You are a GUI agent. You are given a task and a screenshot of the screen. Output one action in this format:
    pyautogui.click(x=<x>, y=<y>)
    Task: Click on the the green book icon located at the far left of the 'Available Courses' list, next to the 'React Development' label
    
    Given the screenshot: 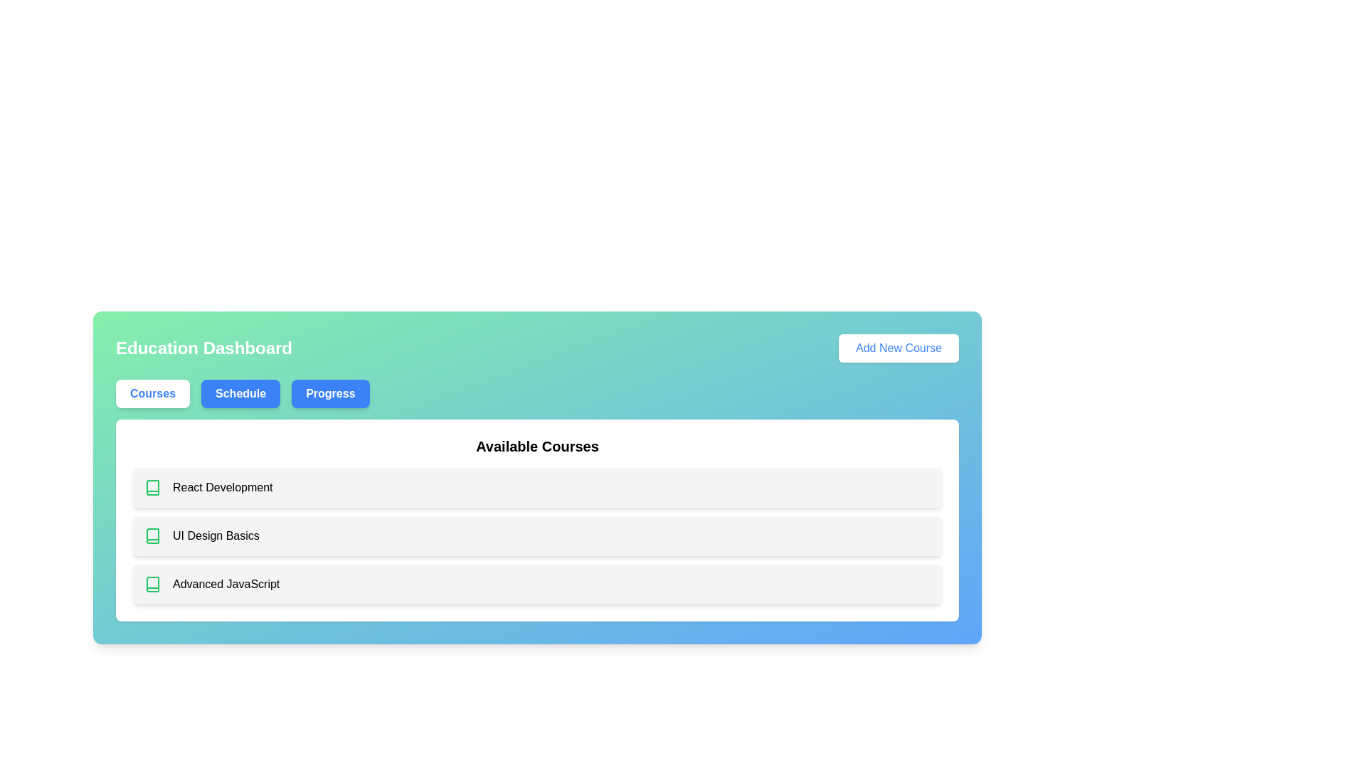 What is the action you would take?
    pyautogui.click(x=153, y=487)
    